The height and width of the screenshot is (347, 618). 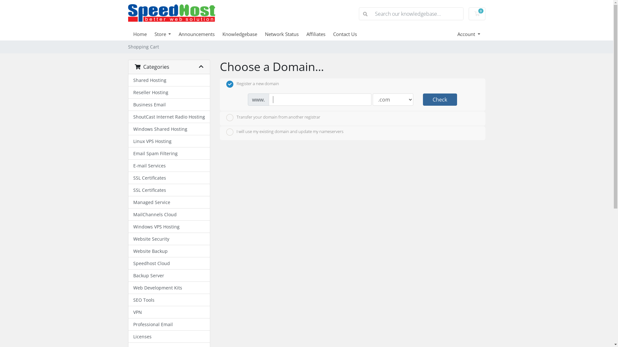 I want to click on 'Shared Hosting', so click(x=169, y=80).